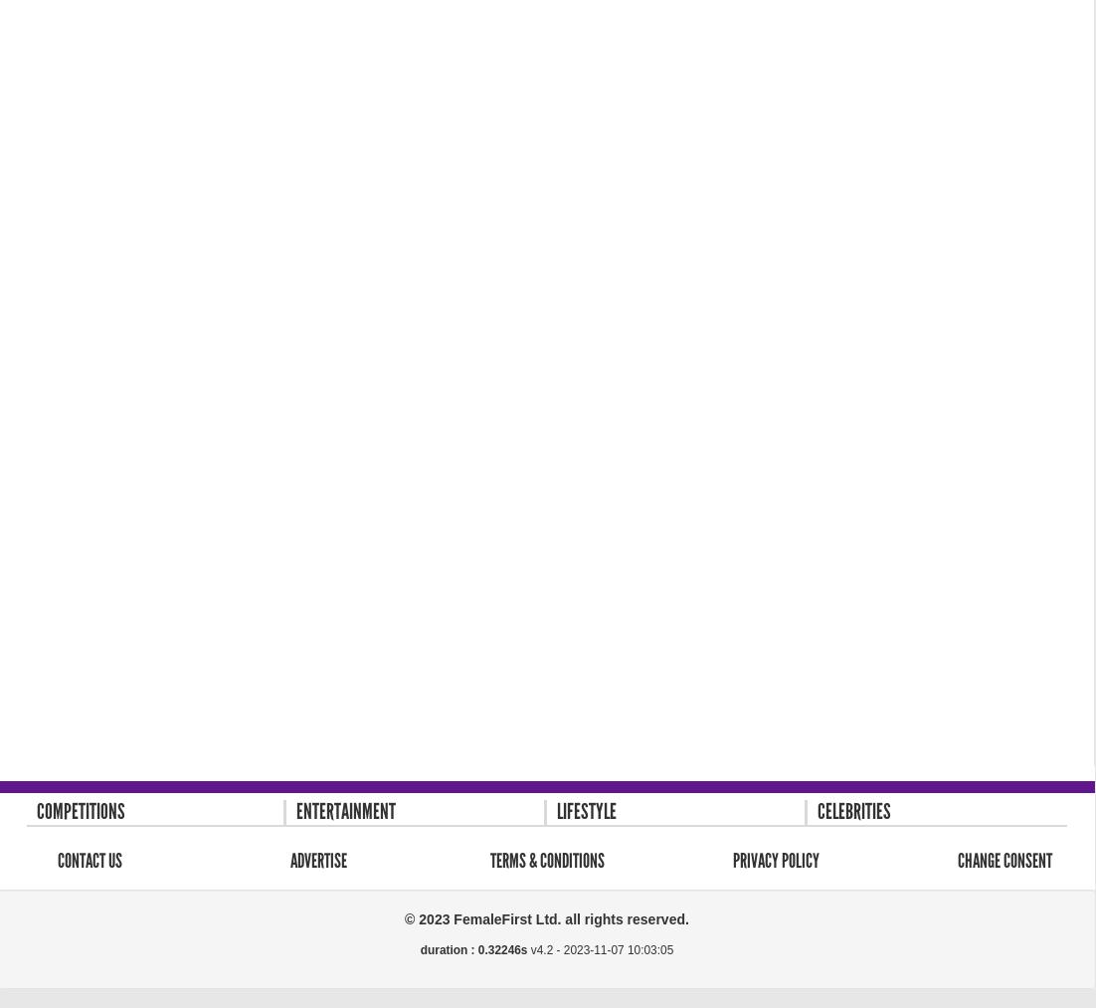 This screenshot has width=1096, height=1008. What do you see at coordinates (471, 949) in the screenshot?
I see `'duration : 0.32246s'` at bounding box center [471, 949].